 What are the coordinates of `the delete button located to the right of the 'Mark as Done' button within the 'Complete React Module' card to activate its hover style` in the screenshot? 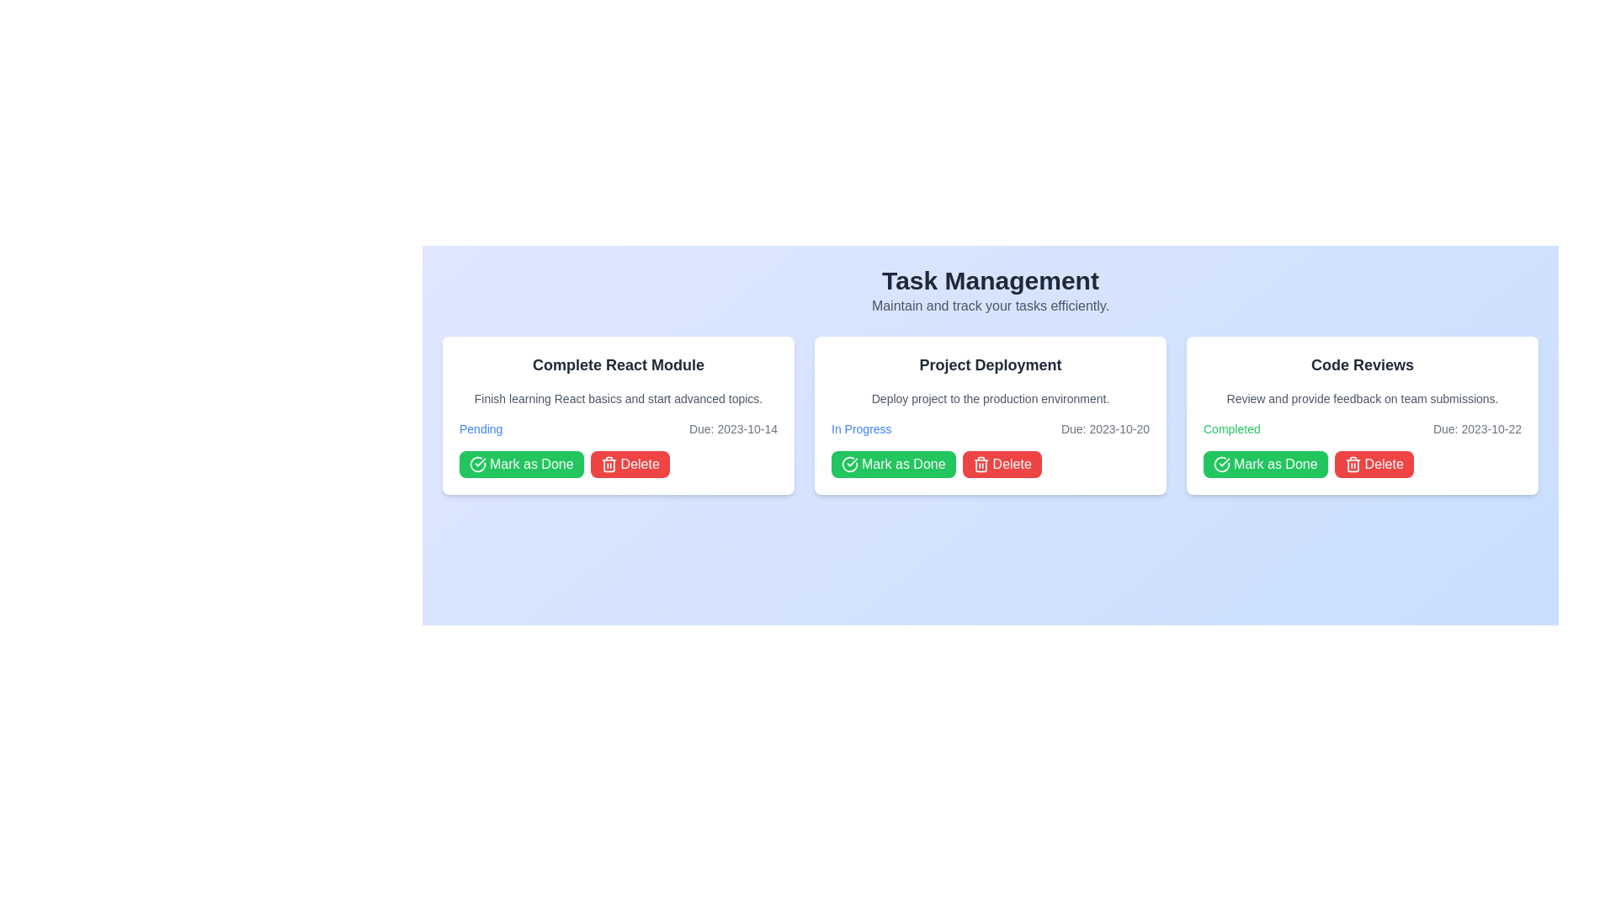 It's located at (629, 464).